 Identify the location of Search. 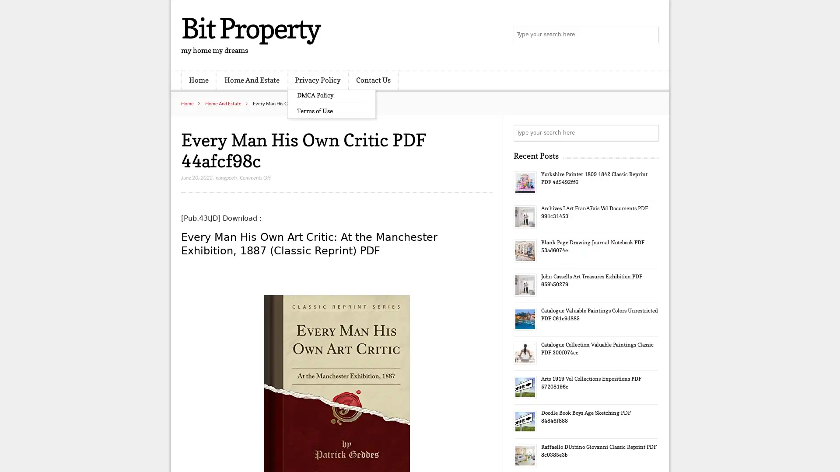
(650, 133).